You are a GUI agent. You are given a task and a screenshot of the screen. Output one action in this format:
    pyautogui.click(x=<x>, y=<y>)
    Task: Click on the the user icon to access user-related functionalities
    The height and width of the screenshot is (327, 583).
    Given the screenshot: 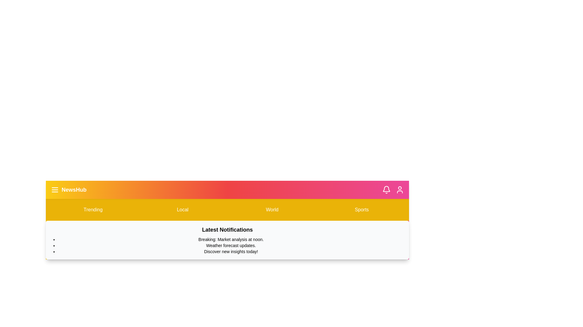 What is the action you would take?
    pyautogui.click(x=400, y=190)
    